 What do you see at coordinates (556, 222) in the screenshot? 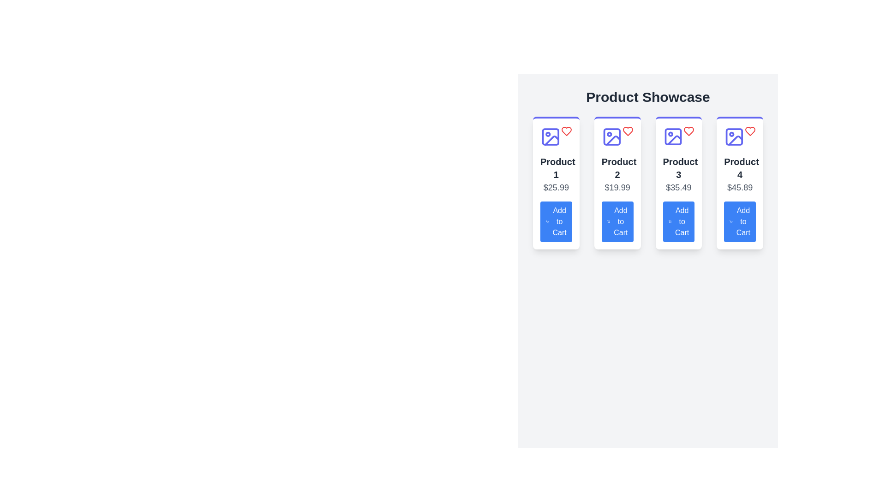
I see `the 'Add to Cart' button with a shopping cart icon located at the bottom of the 'Product 1' card` at bounding box center [556, 222].